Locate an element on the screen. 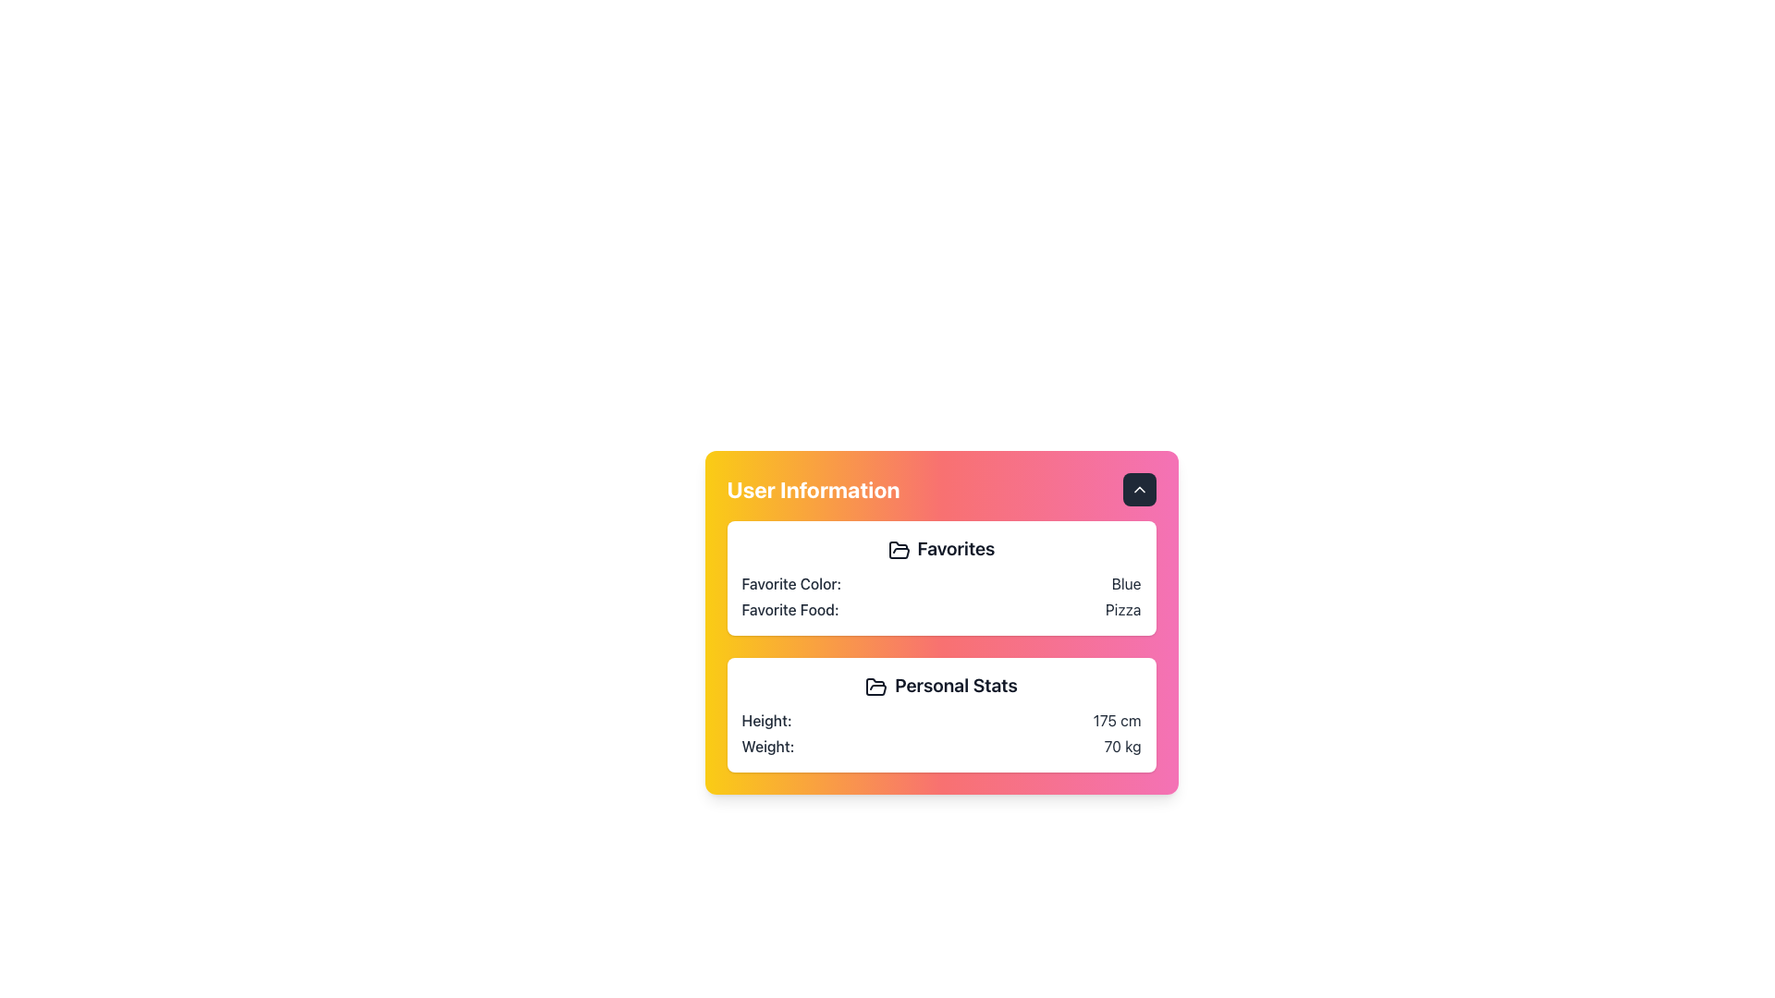  the folder icon with a thin black outline located to the left of the 'Personal Stats' text is located at coordinates (875, 687).